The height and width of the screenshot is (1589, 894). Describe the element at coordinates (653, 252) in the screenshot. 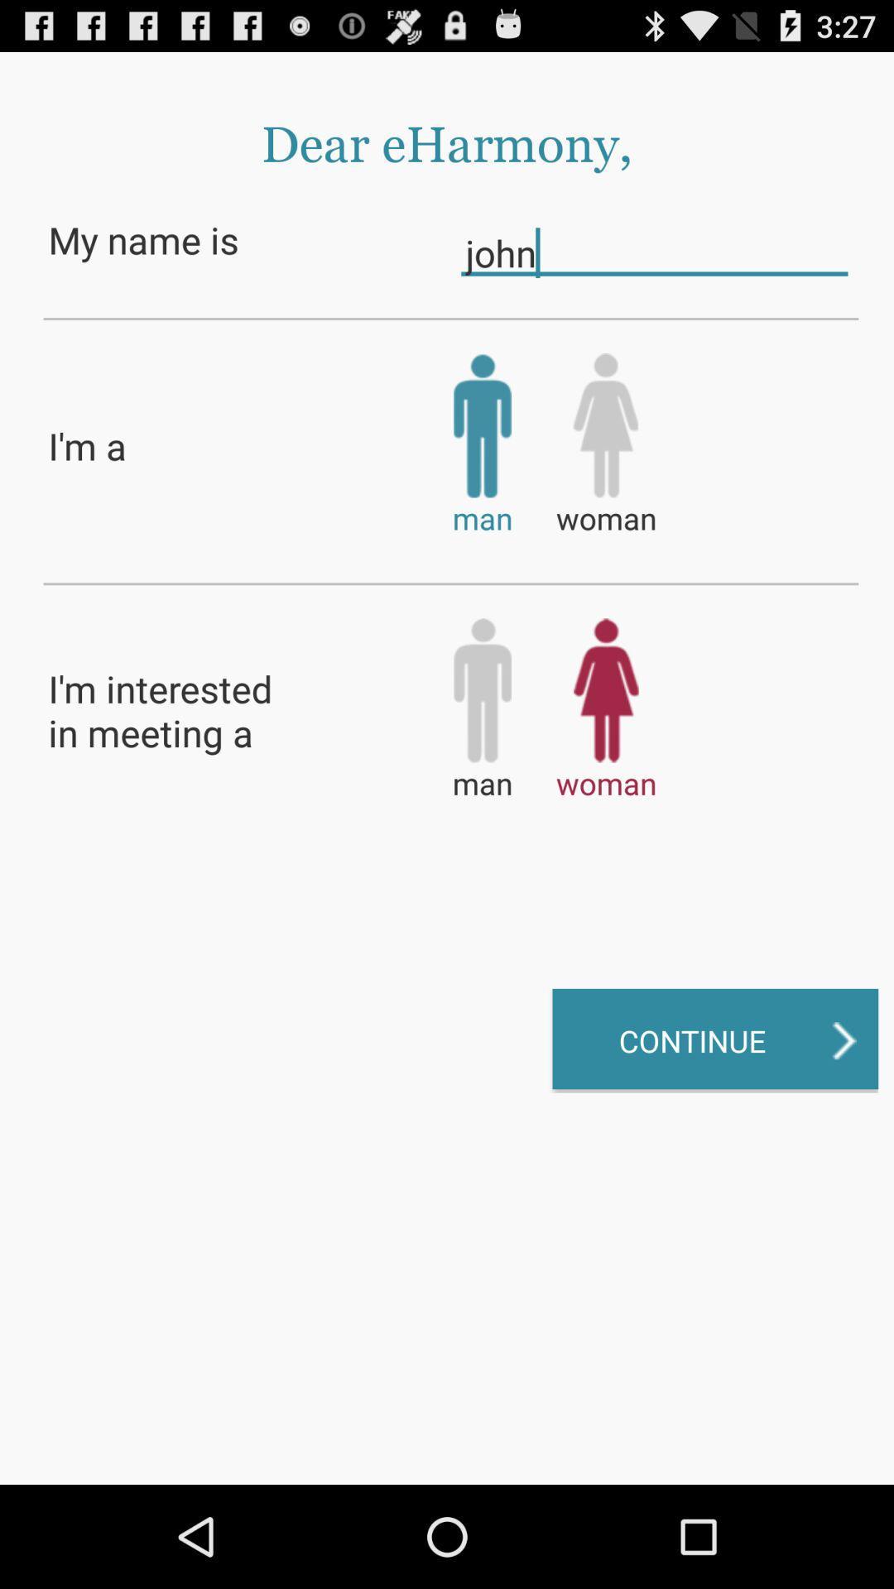

I see `john item` at that location.